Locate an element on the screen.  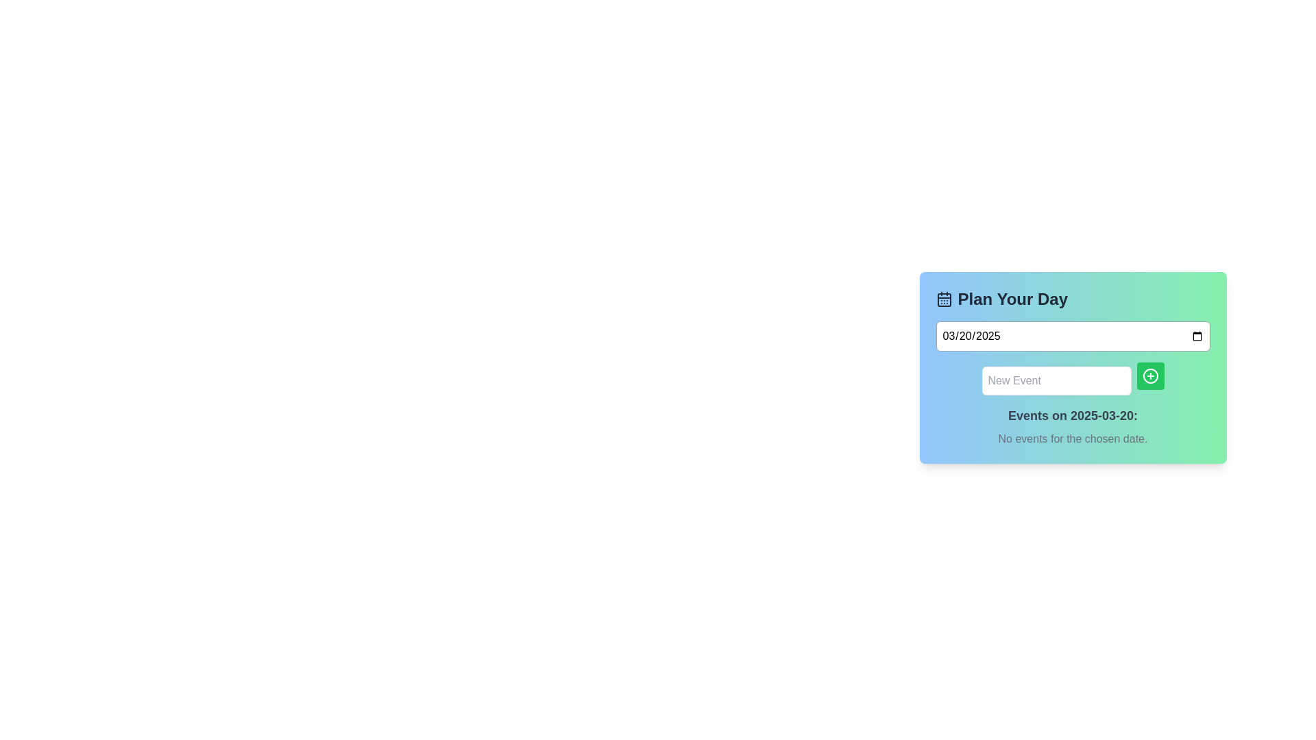
the Text block that displays information about scheduled events for the chosen date, indicating that there are no events for that date is located at coordinates (1072, 426).